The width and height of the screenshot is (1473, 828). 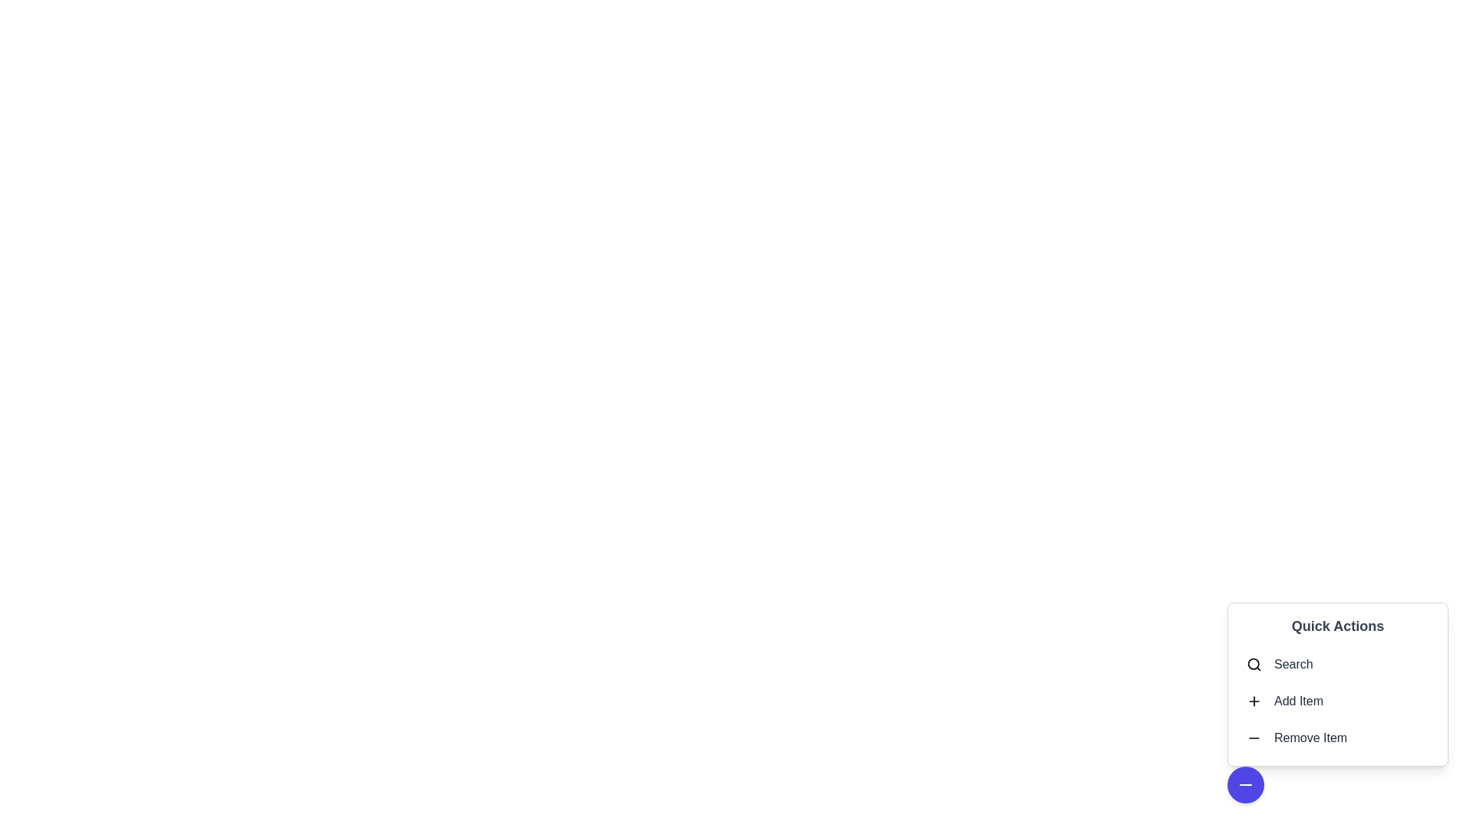 I want to click on the 'Remove Item' menu item located at the bottom of the 'Quick Actions' section, which features a minus icon on the left and dark gray text on the right, so click(x=1336, y=738).